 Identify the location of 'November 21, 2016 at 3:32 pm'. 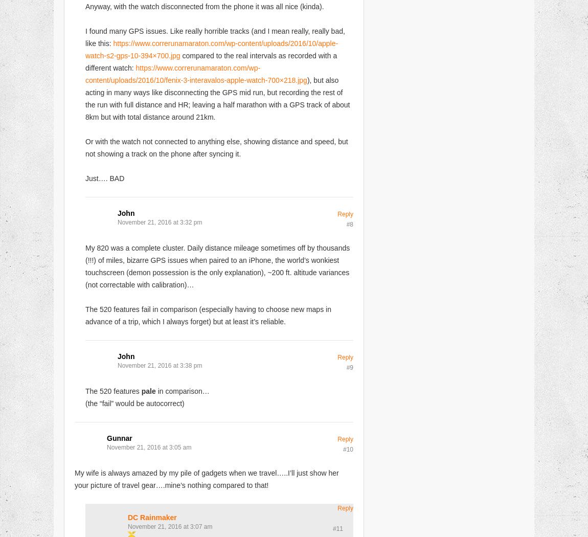
(160, 221).